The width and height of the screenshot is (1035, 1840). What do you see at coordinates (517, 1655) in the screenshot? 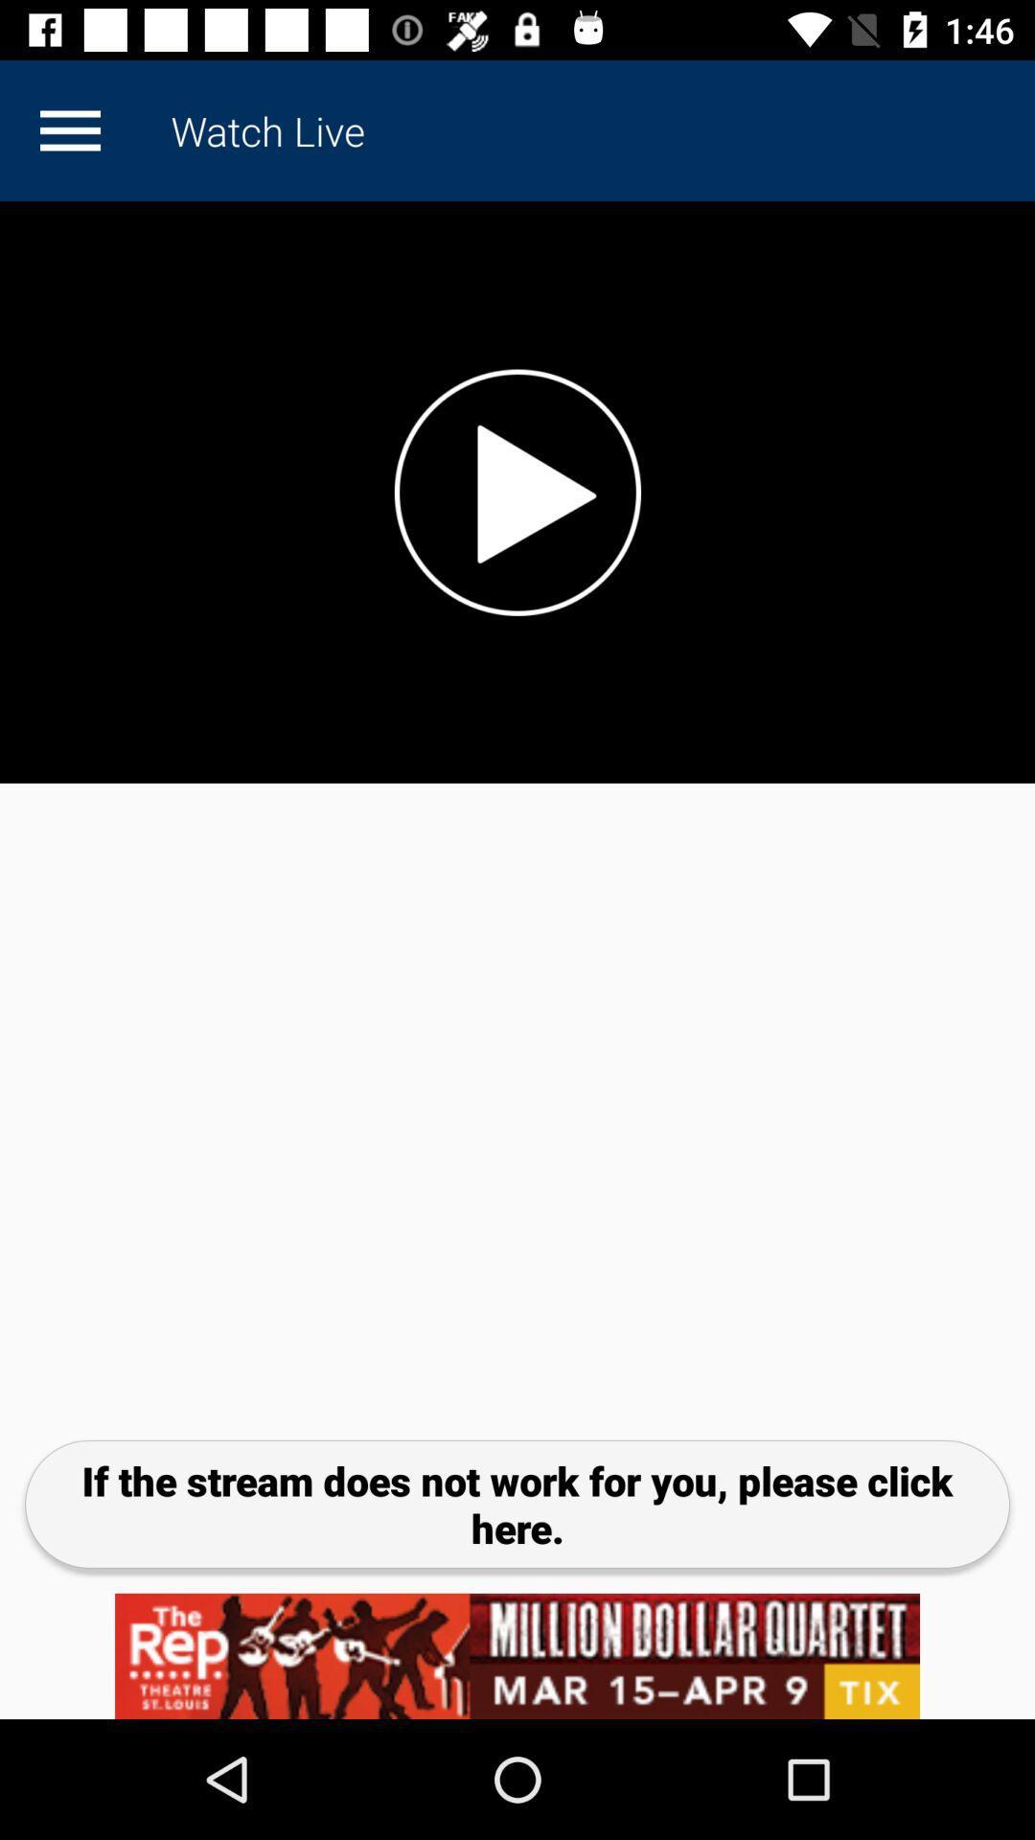
I see `advertising page` at bounding box center [517, 1655].